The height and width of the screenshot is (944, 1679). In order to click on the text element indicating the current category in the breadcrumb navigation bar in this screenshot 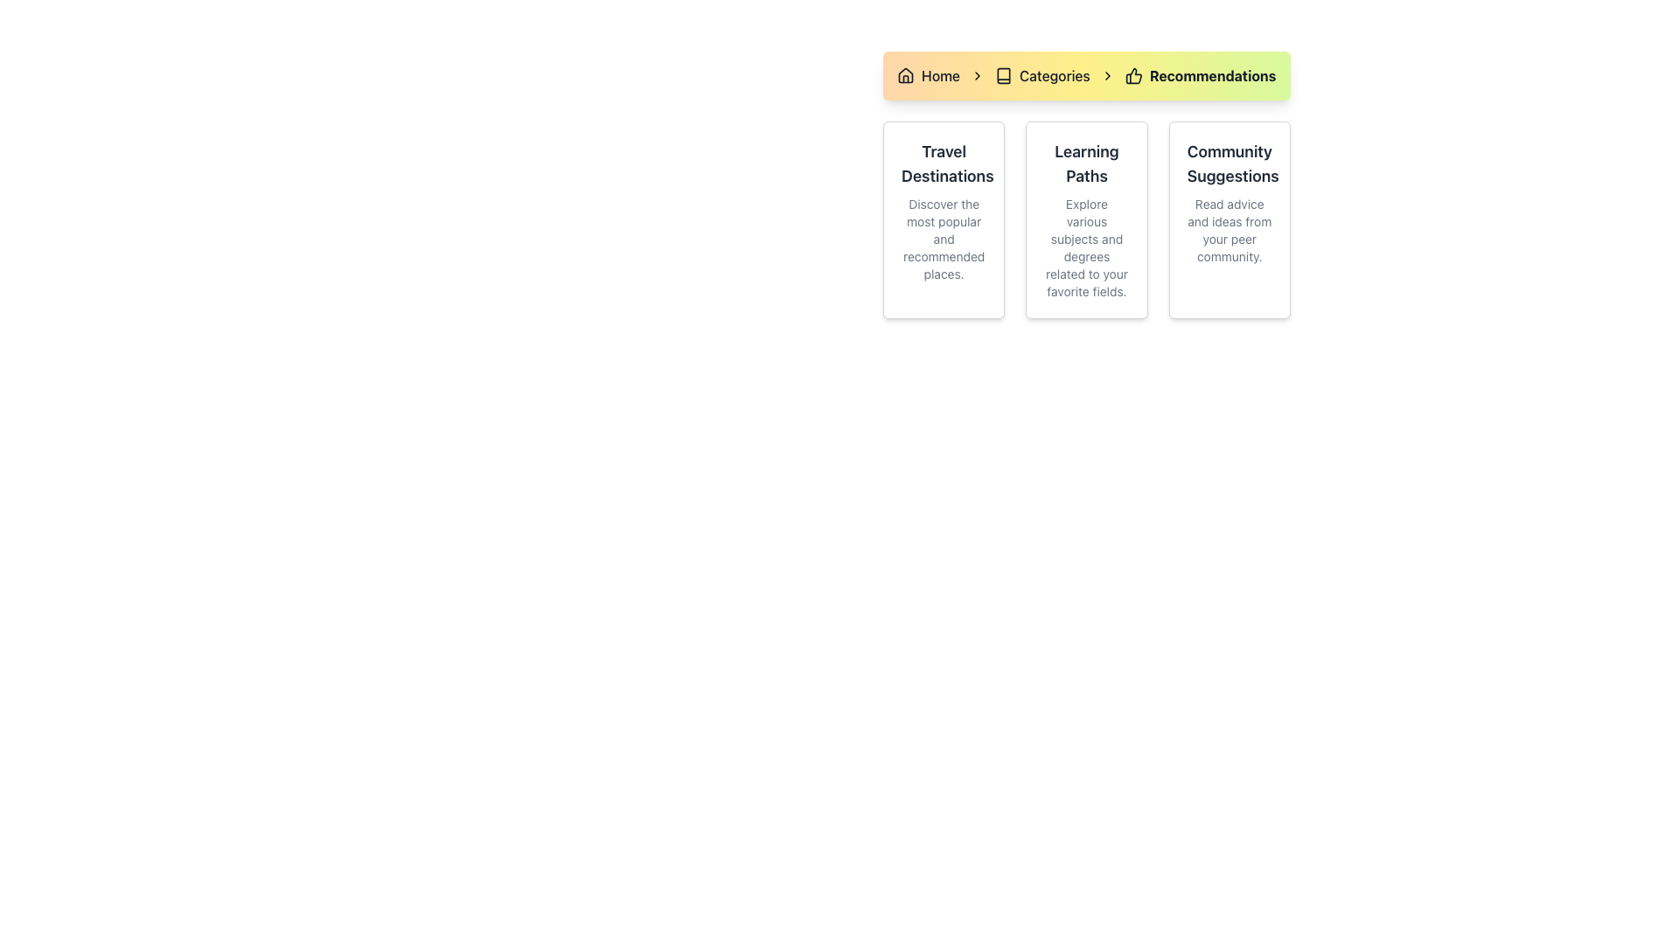, I will do `click(1054, 75)`.